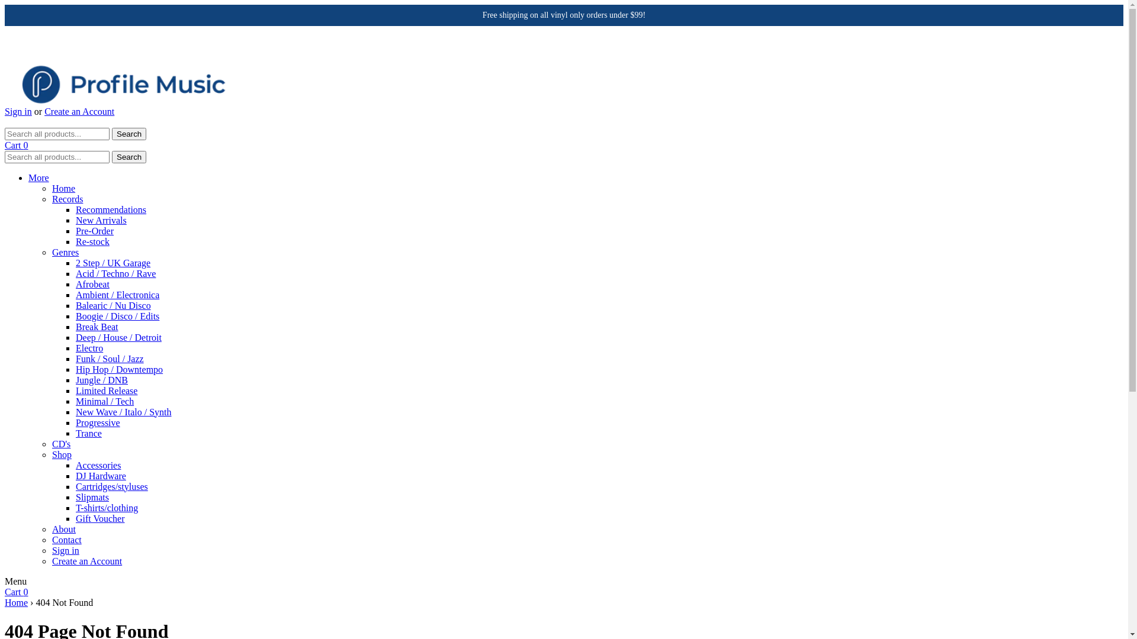 This screenshot has width=1137, height=639. Describe the element at coordinates (111, 156) in the screenshot. I see `'Search'` at that location.